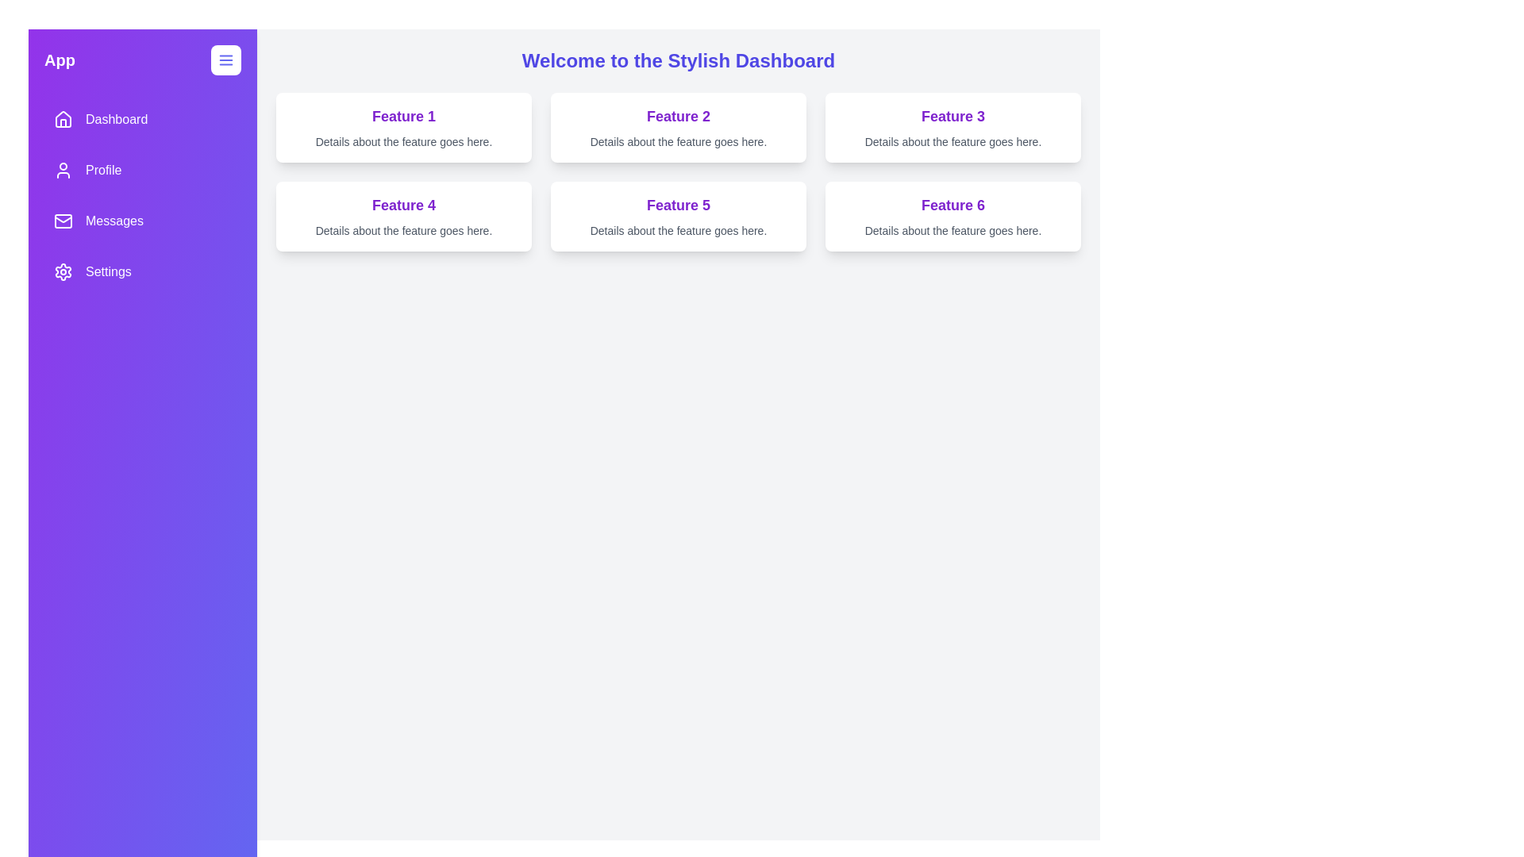 Image resolution: width=1524 pixels, height=857 pixels. I want to click on any item in the Navigation Panel located on the left side of the application, which includes options like Dashboard, Profile, Messages, and Settings, so click(143, 194).